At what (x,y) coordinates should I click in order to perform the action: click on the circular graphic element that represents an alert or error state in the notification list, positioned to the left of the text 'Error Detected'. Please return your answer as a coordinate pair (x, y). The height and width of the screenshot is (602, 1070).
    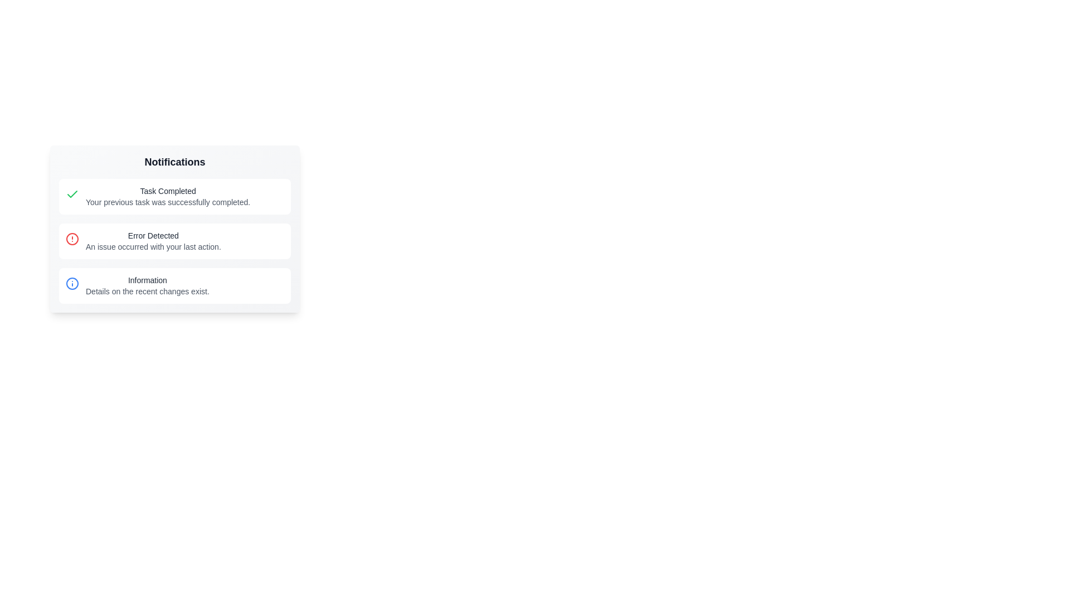
    Looking at the image, I should click on (71, 238).